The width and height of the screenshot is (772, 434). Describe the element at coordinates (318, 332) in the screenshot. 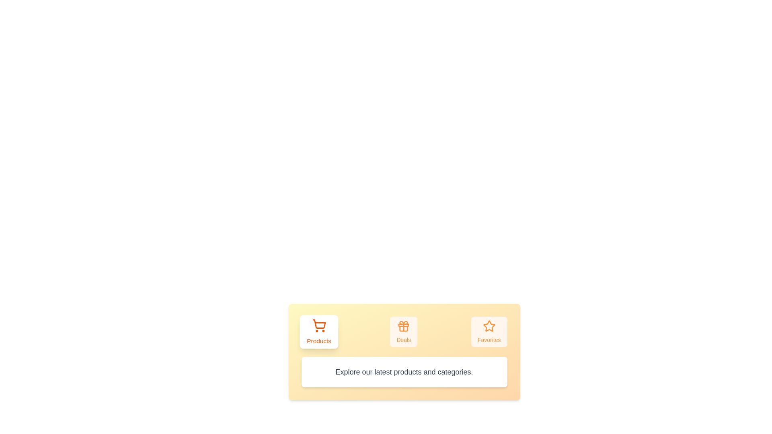

I see `the Products tab by clicking on its button` at that location.